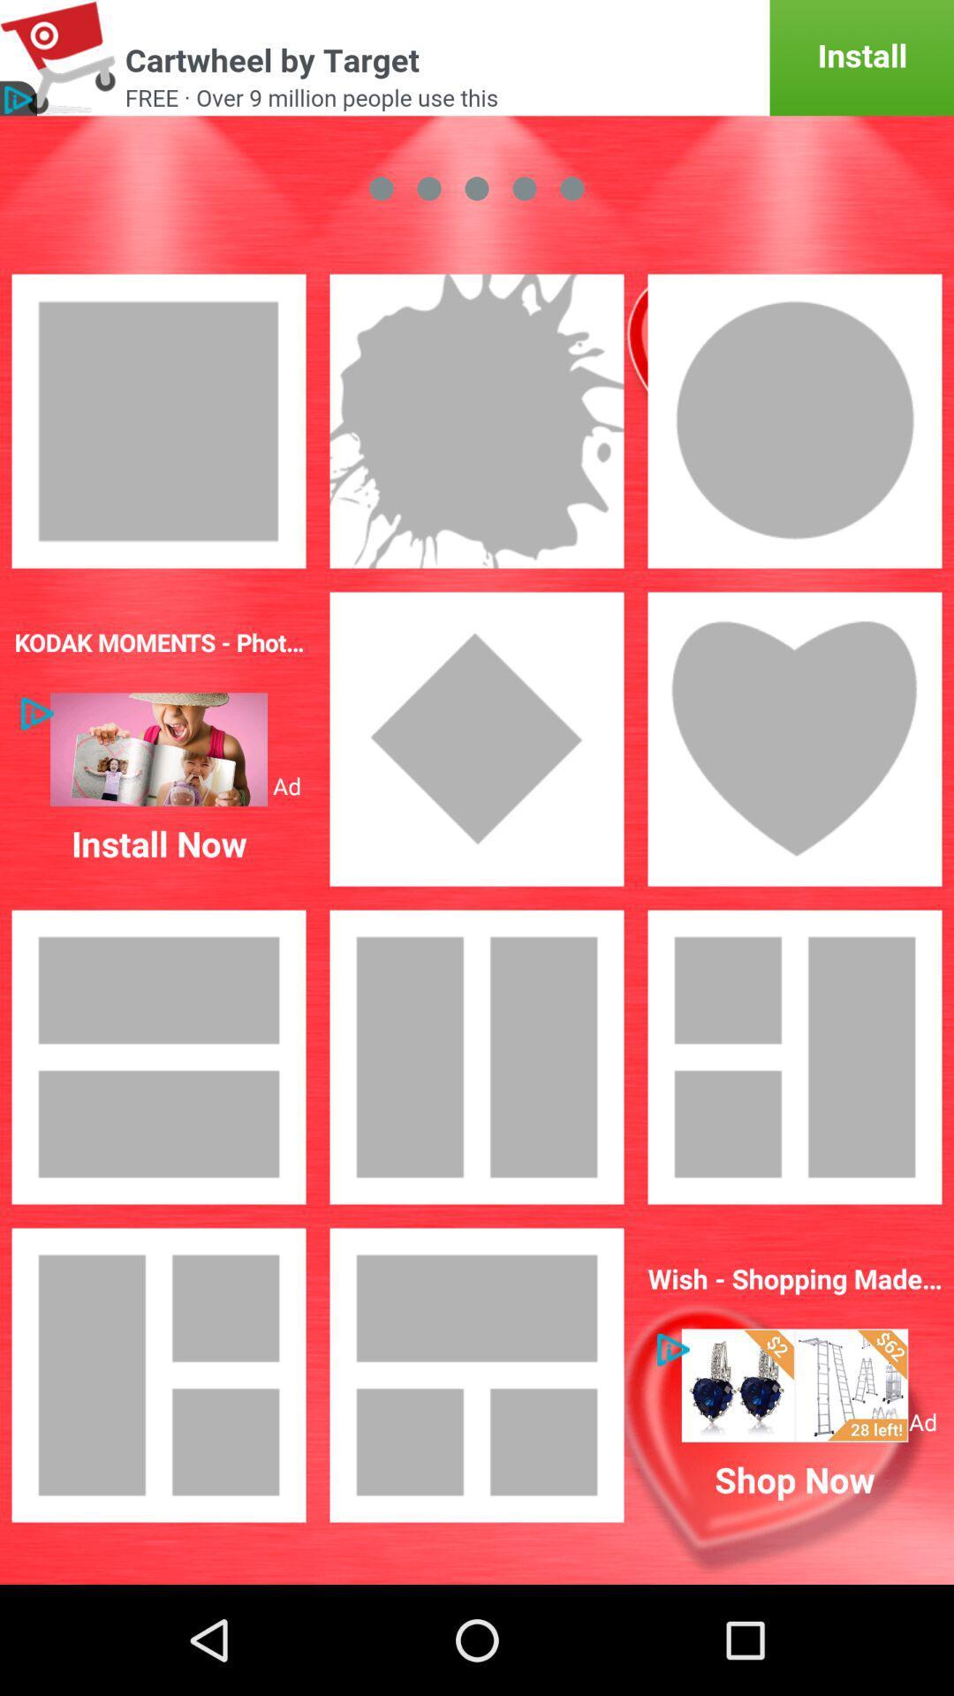 The height and width of the screenshot is (1696, 954). Describe the element at coordinates (477, 57) in the screenshot. I see `install the app` at that location.